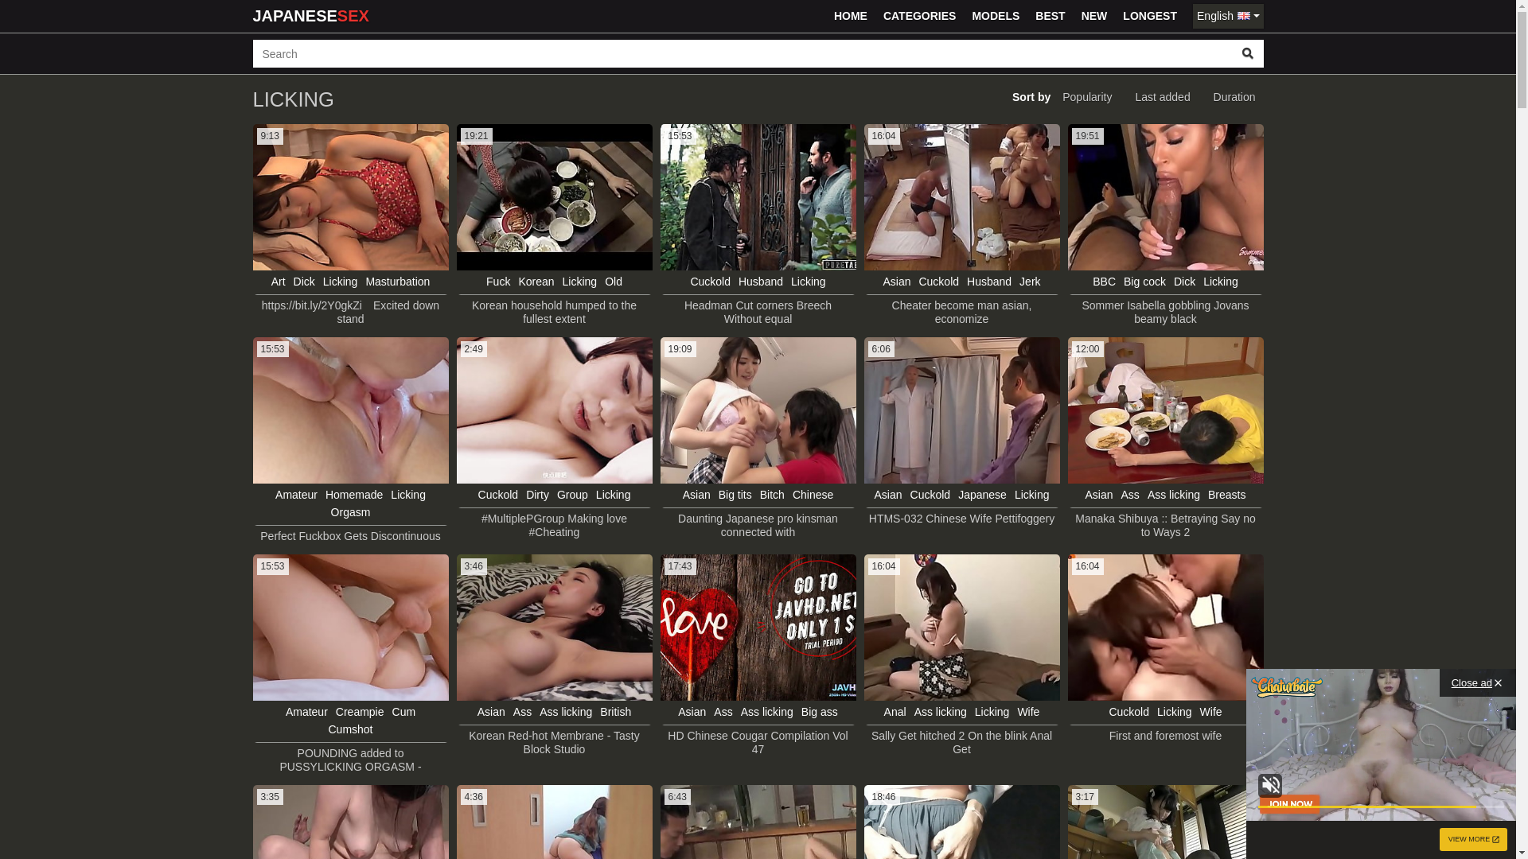 The height and width of the screenshot is (859, 1528). What do you see at coordinates (554, 313) in the screenshot?
I see `'Korean household humped to the fullest extent'` at bounding box center [554, 313].